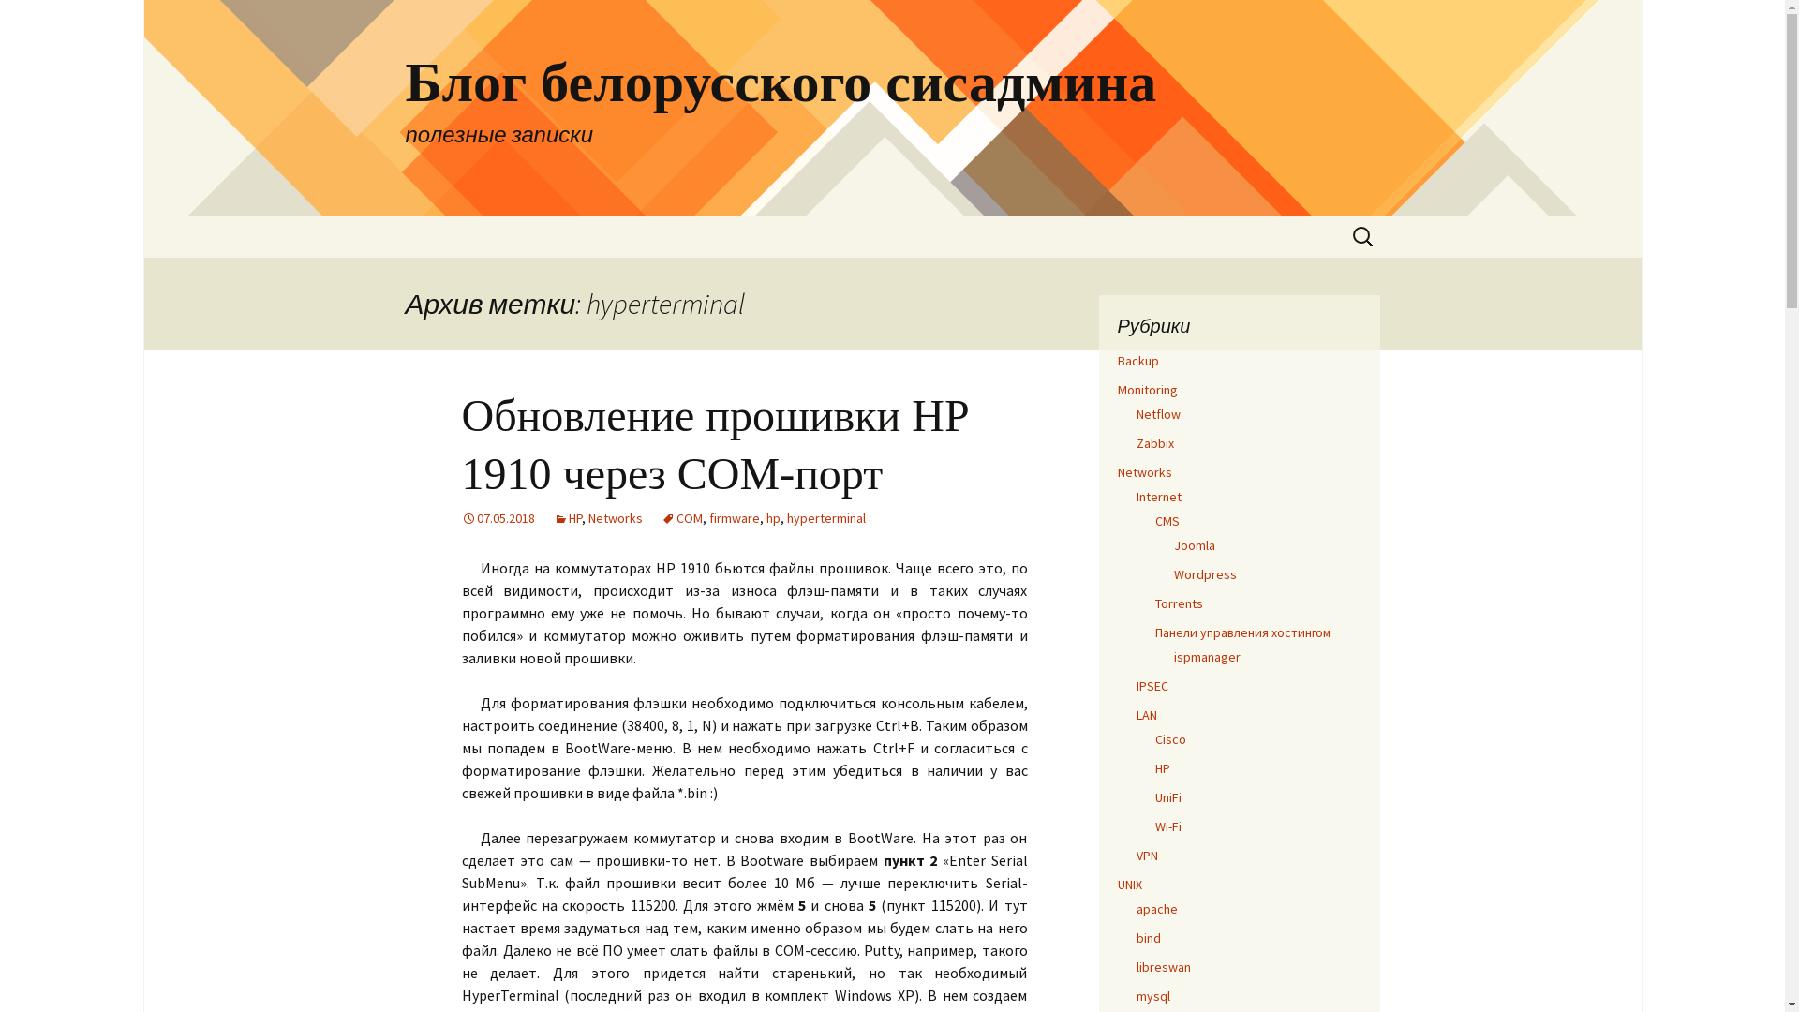  Describe the element at coordinates (1156, 413) in the screenshot. I see `'Netflow'` at that location.